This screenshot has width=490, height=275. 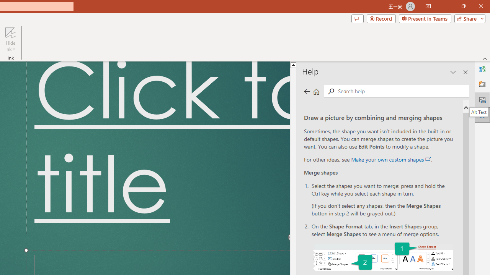 What do you see at coordinates (10, 39) in the screenshot?
I see `'Hide Ink'` at bounding box center [10, 39].